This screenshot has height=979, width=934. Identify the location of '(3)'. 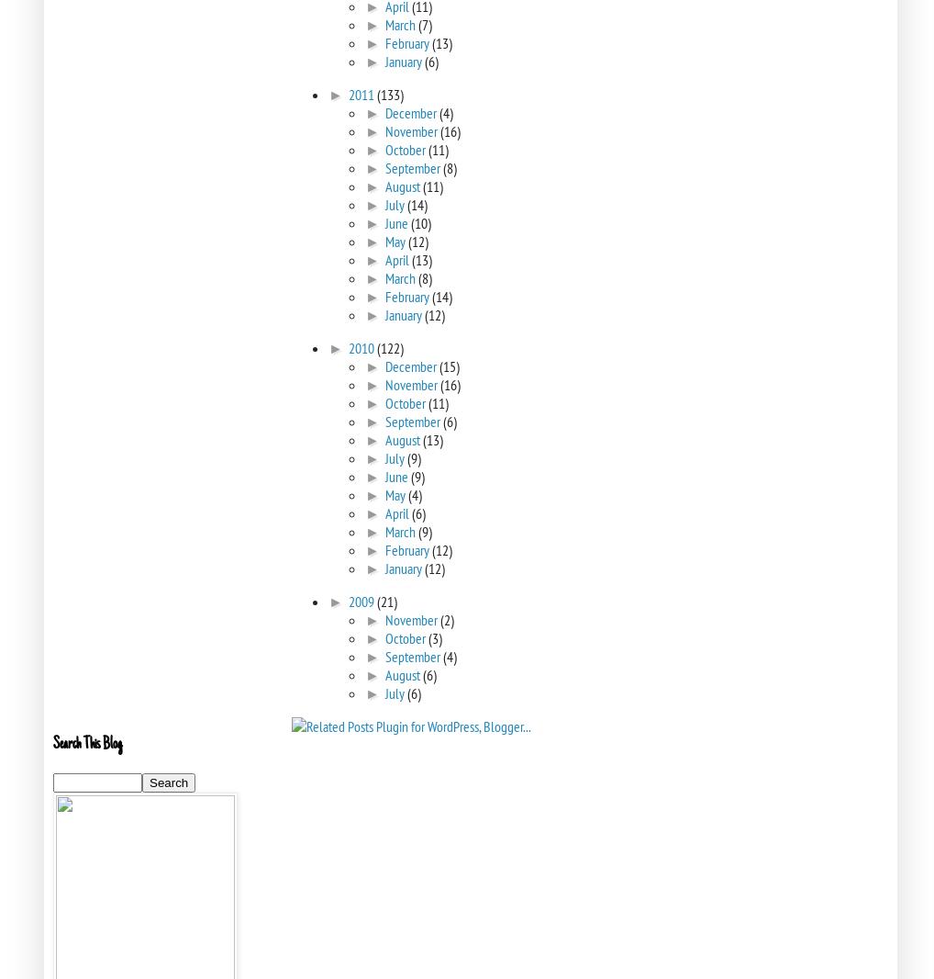
(434, 637).